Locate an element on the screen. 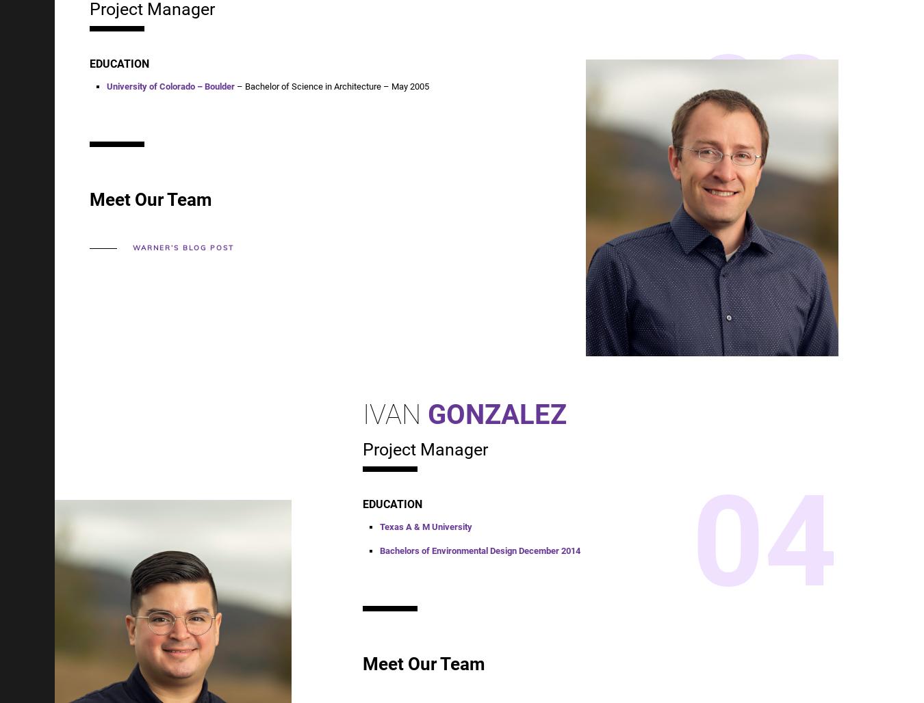  '03' is located at coordinates (764, 101).